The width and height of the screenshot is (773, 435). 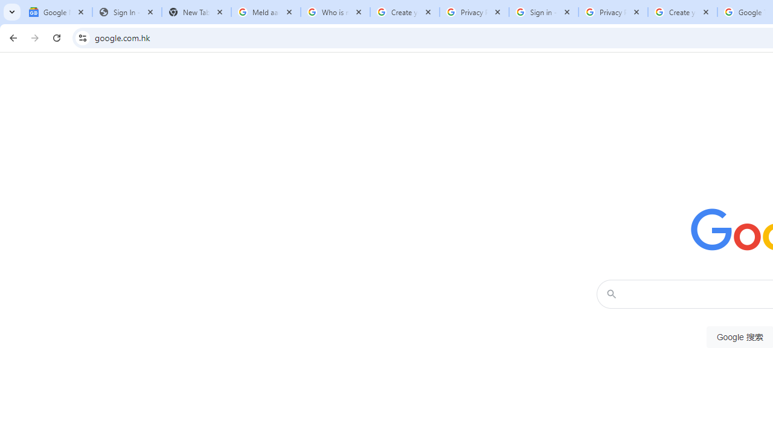 I want to click on 'Who is my administrator? - Google Account Help', so click(x=335, y=12).